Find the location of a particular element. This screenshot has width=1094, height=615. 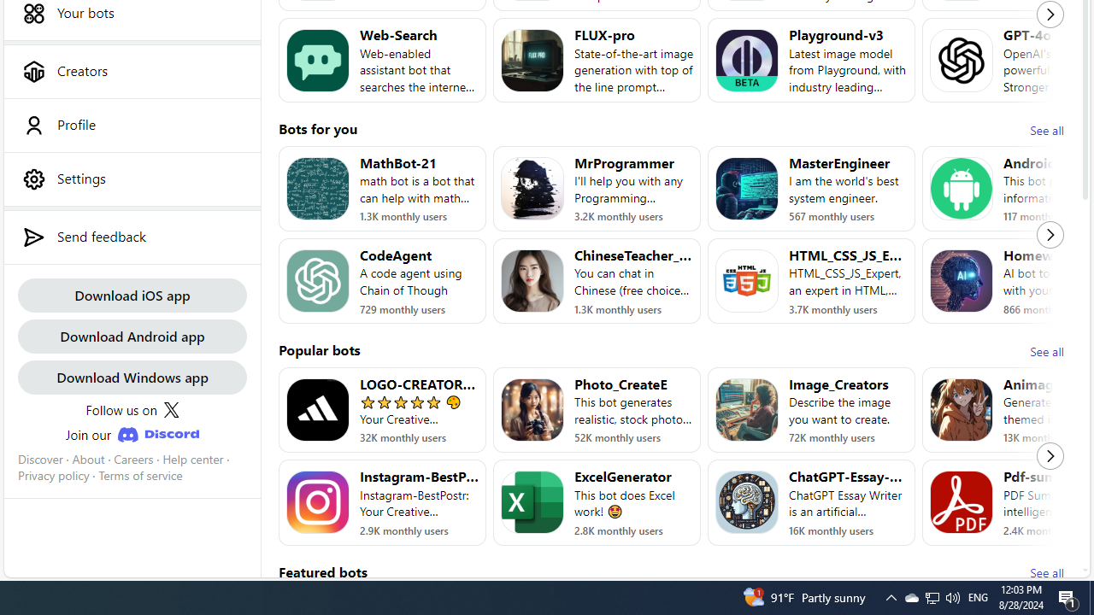

'Bot image for Image_Creators' is located at coordinates (747, 410).